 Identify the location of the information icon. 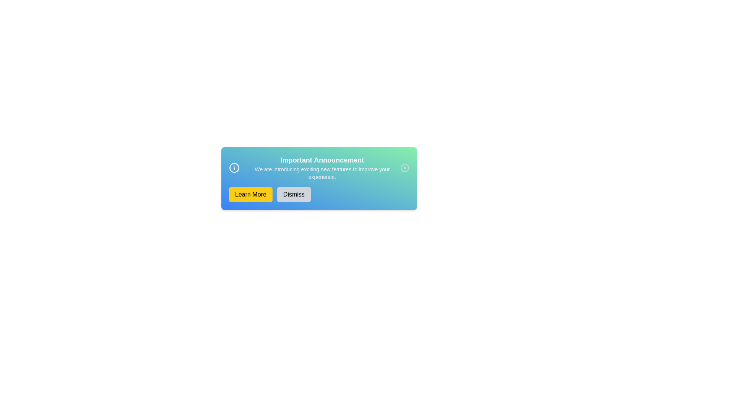
(234, 167).